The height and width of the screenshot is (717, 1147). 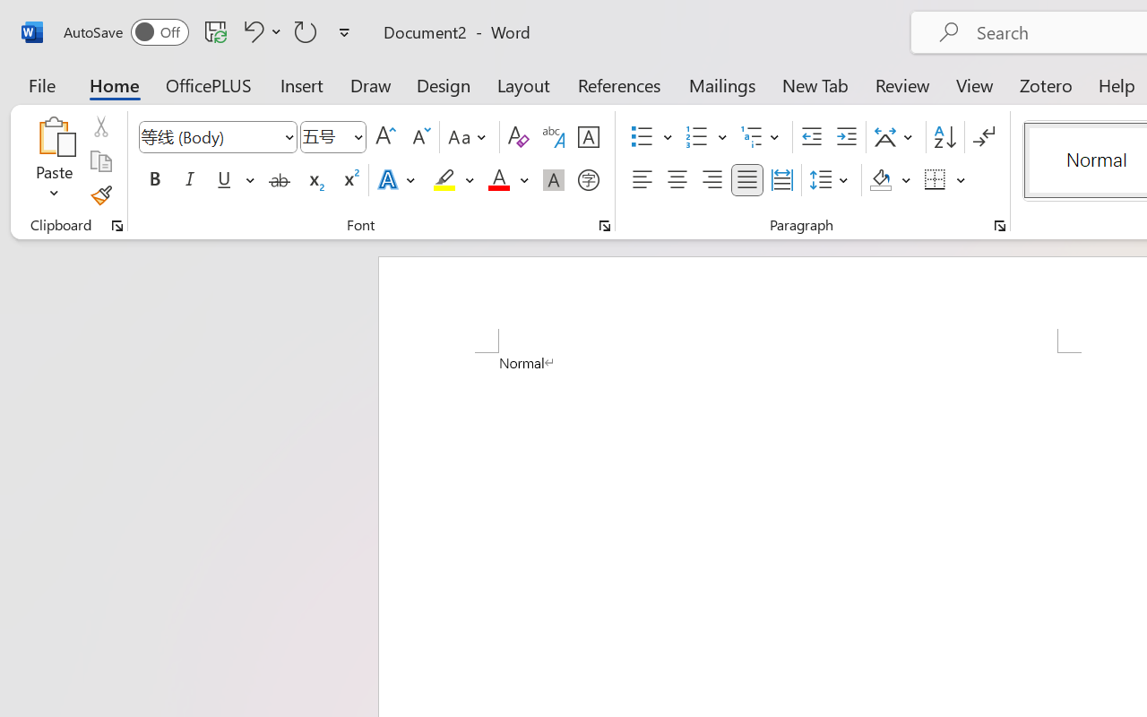 What do you see at coordinates (324, 136) in the screenshot?
I see `'Font Size'` at bounding box center [324, 136].